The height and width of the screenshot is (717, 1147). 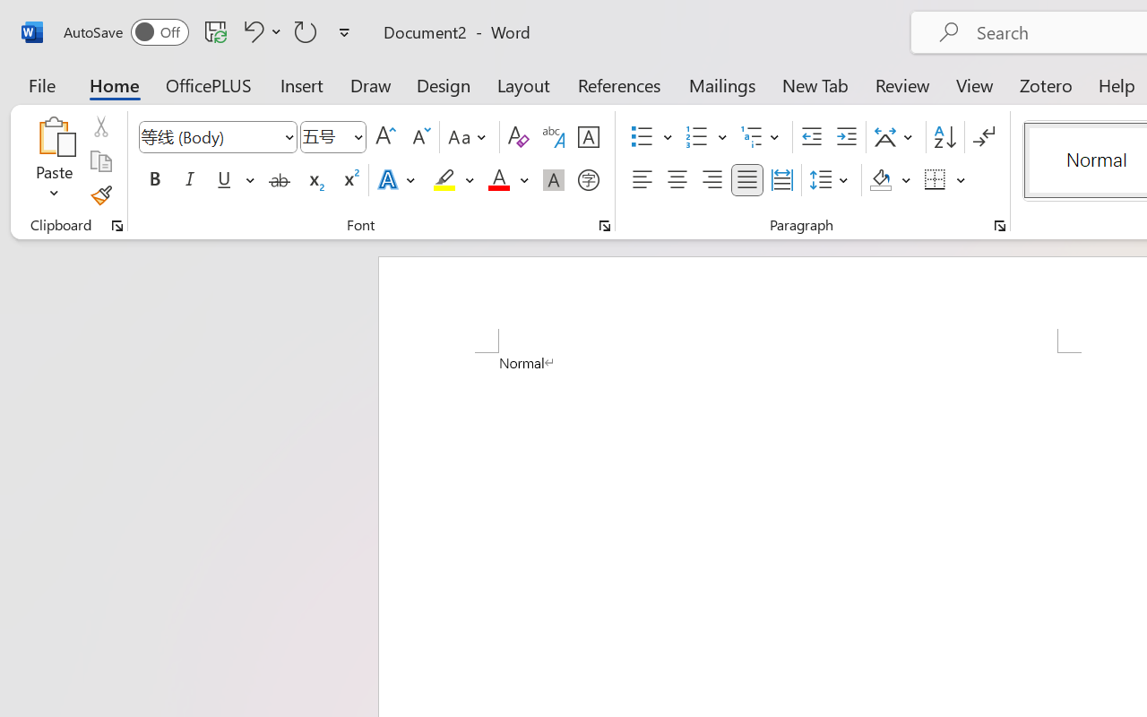 What do you see at coordinates (324, 136) in the screenshot?
I see `'Font Size'` at bounding box center [324, 136].